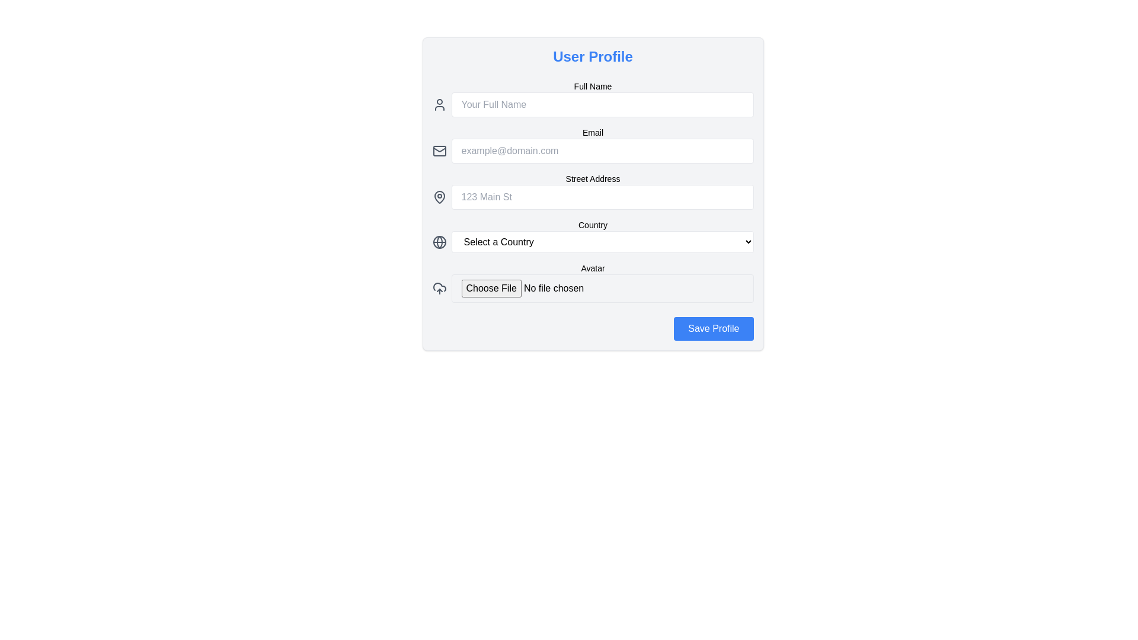  I want to click on the labeled input field for email address in the User Profile section, so click(593, 145).